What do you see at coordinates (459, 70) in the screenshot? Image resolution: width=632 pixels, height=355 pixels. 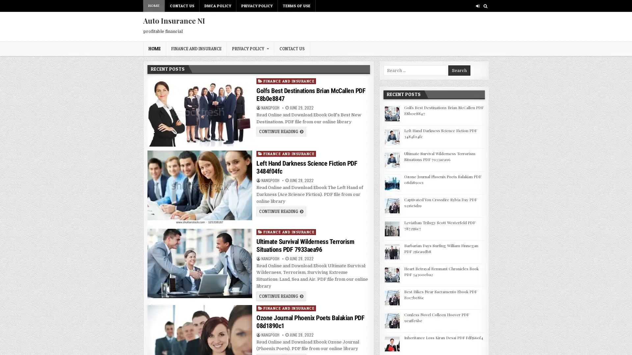 I see `Search` at bounding box center [459, 70].